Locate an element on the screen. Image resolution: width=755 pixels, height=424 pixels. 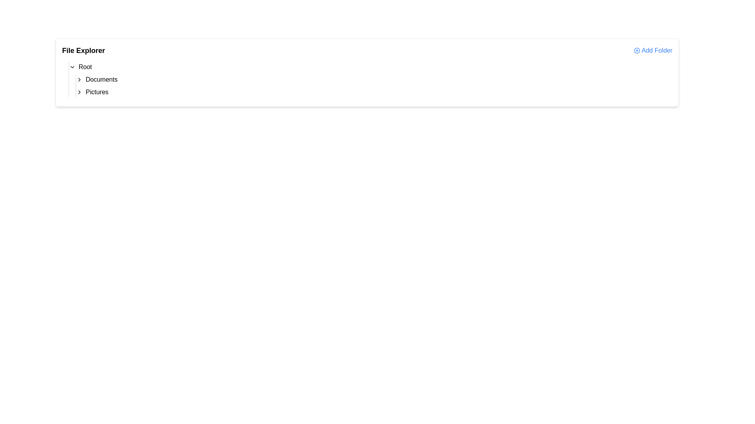
the icon located at the top-right corner of the file explorer section, which serves as a visual indicator for adding a new folder is located at coordinates (637, 50).